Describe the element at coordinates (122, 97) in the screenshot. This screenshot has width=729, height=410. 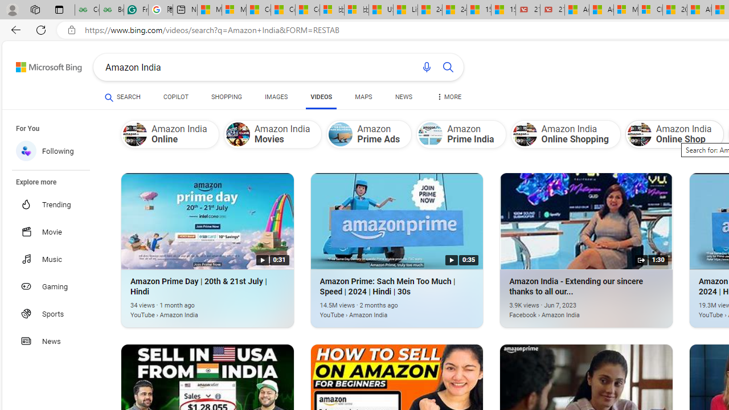
I see `'SEARCH'` at that location.